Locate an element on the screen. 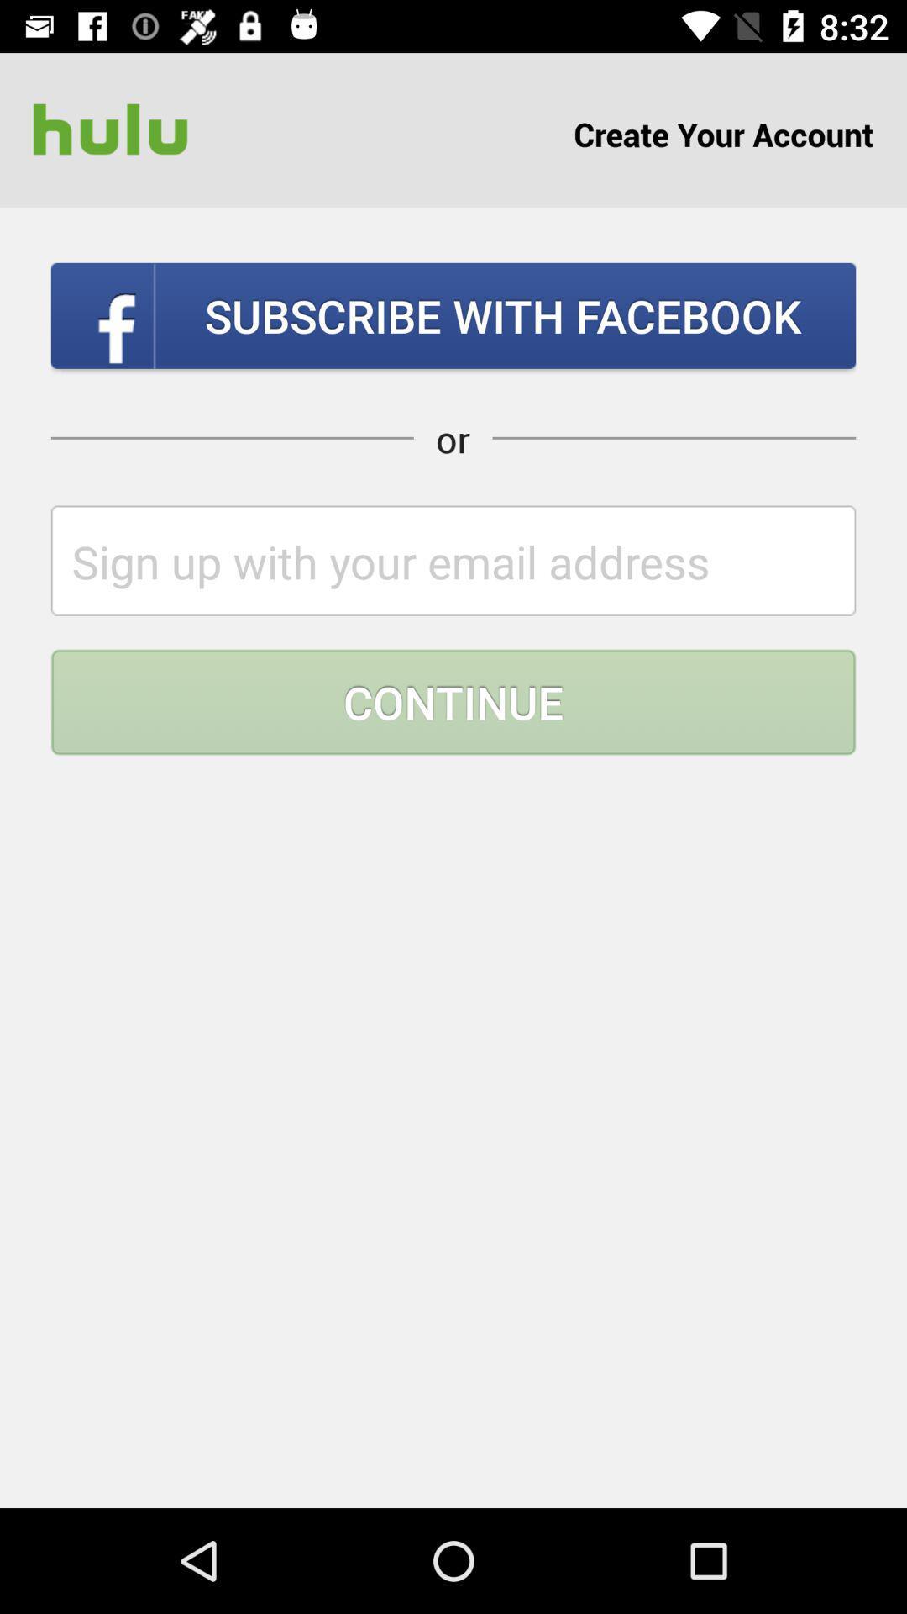  continue item is located at coordinates (453, 702).